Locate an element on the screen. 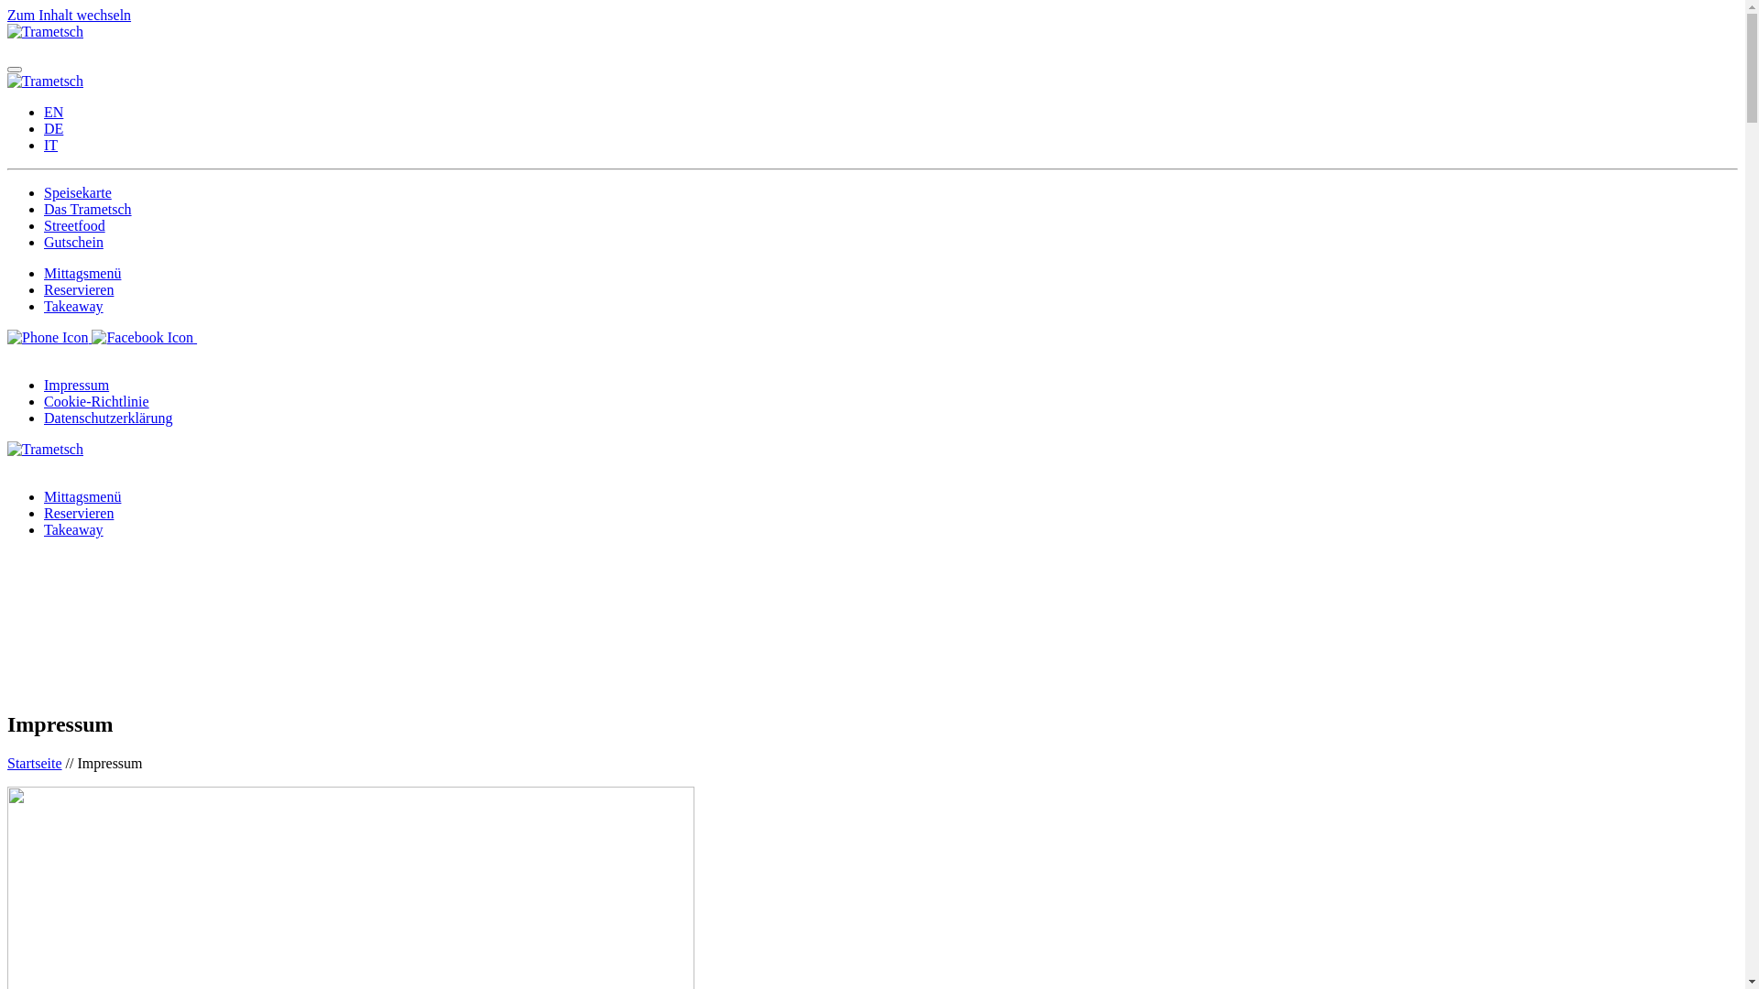  'Zum Inhalt wechseln' is located at coordinates (69, 15).